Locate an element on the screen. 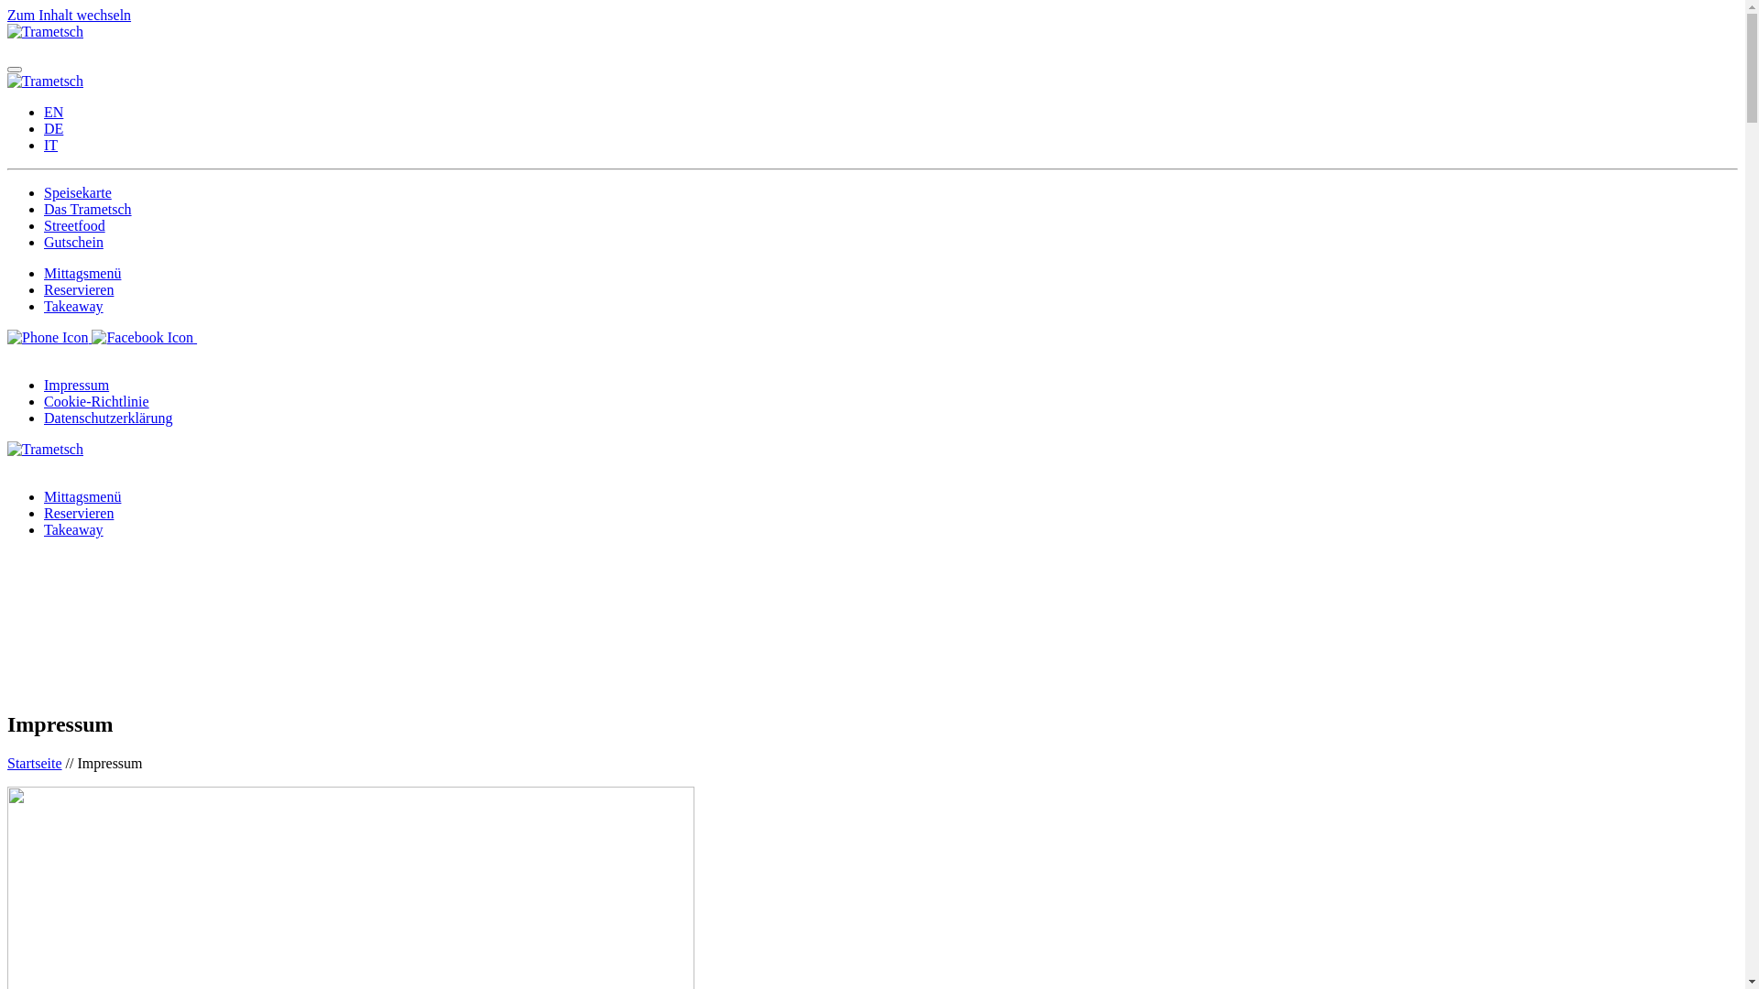  'Zum Inhalt wechseln' is located at coordinates (69, 15).